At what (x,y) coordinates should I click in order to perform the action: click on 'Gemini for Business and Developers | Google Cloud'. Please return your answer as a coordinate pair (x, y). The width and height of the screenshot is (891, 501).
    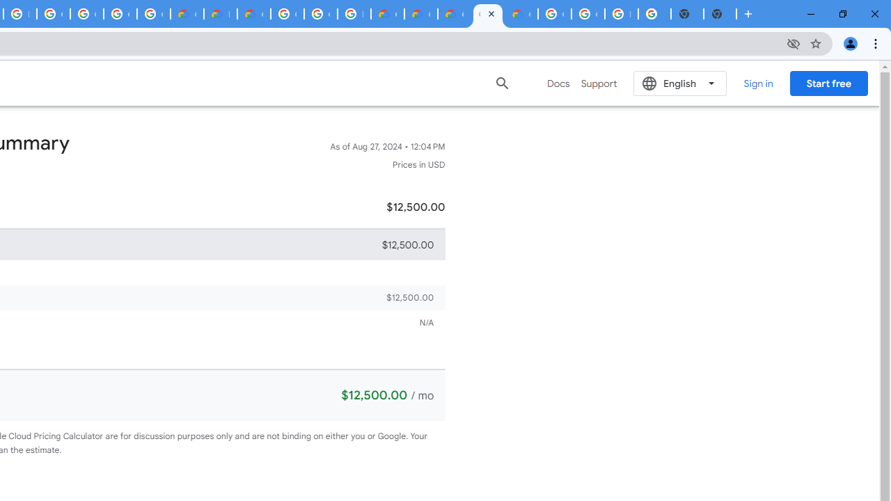
    Looking at the image, I should click on (253, 14).